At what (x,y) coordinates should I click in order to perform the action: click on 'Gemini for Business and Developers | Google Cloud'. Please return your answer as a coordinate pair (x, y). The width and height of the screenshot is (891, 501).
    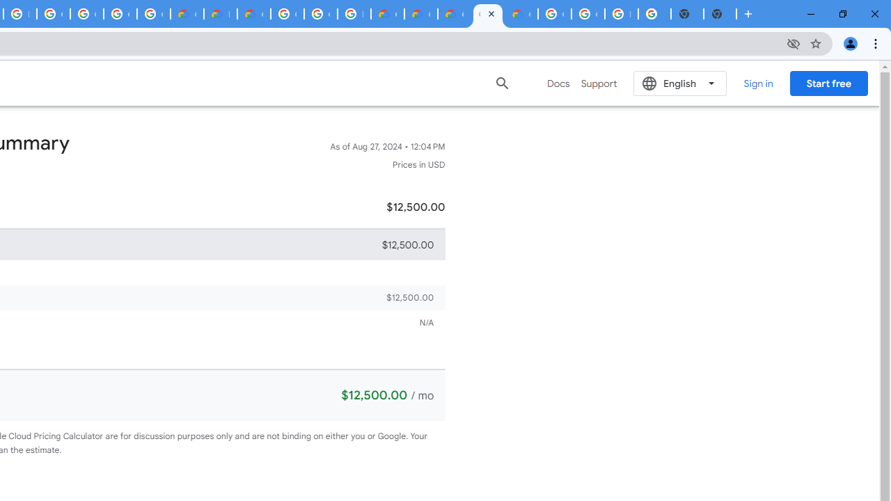
    Looking at the image, I should click on (253, 14).